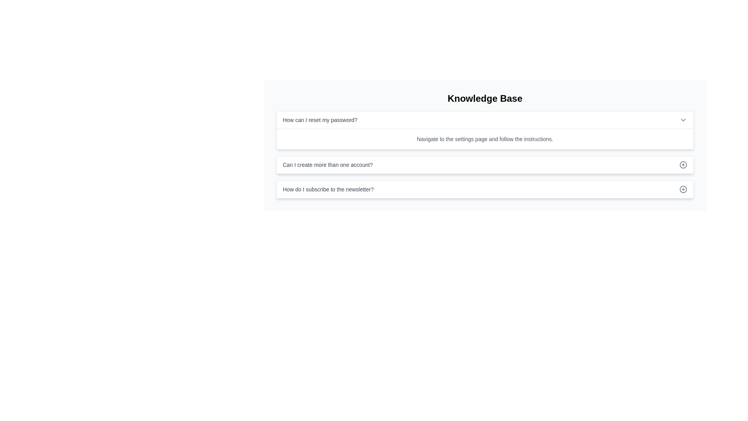 The height and width of the screenshot is (421, 748). I want to click on the circular icon with a plus sign located at the far-right end of the item labeled 'Can I create more than one account?', so click(683, 165).